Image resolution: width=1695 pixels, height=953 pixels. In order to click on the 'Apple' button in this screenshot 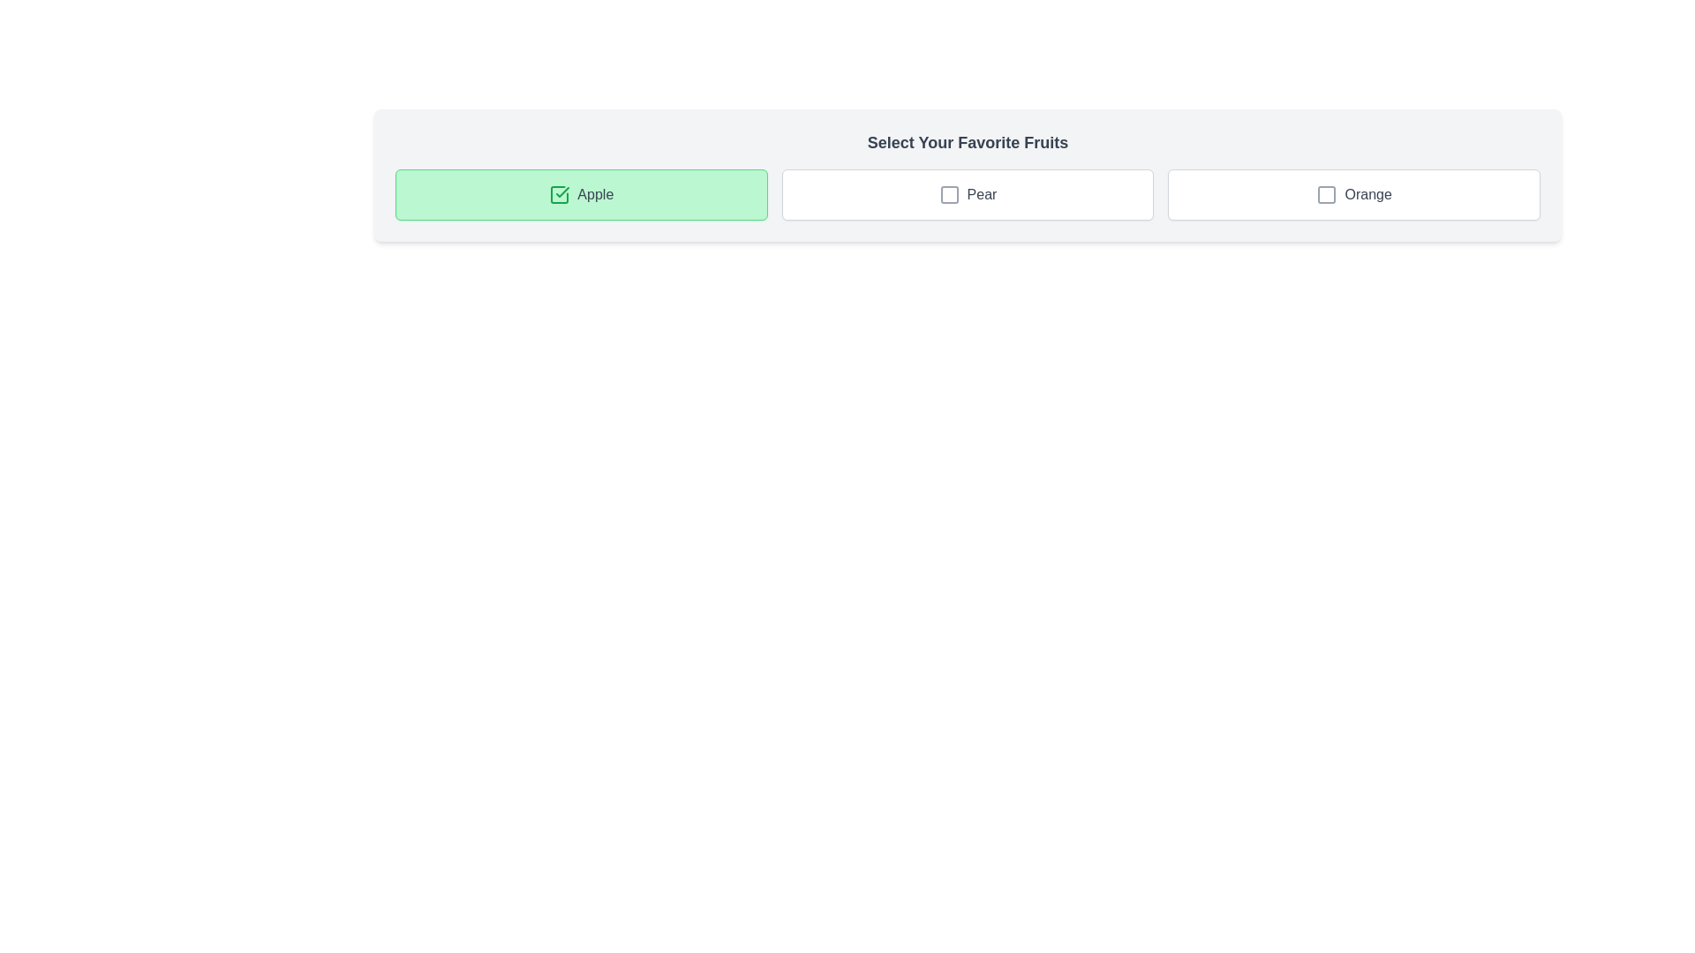, I will do `click(581, 194)`.